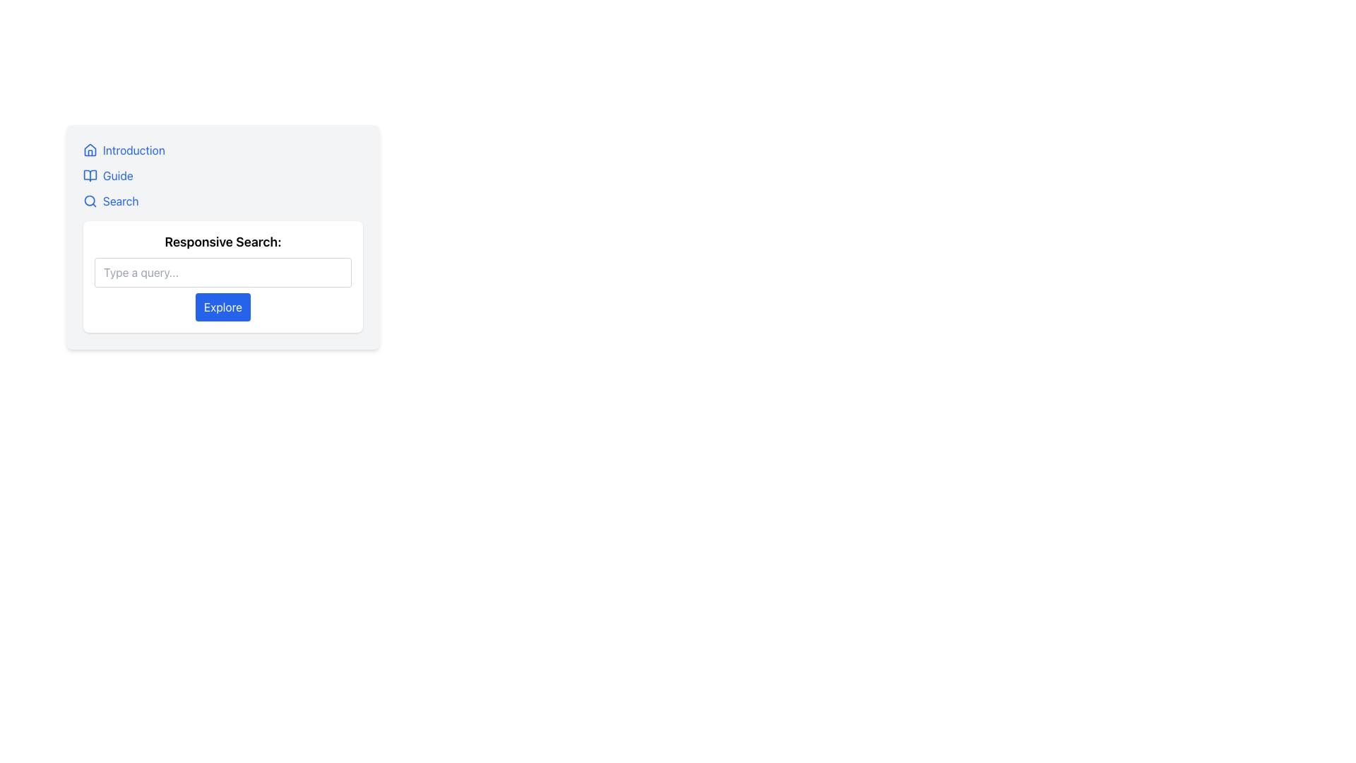  Describe the element at coordinates (90, 150) in the screenshot. I see `the home icon located on the left side above the navigation links labeled 'Introduction', 'Guide', and 'Search'` at that location.